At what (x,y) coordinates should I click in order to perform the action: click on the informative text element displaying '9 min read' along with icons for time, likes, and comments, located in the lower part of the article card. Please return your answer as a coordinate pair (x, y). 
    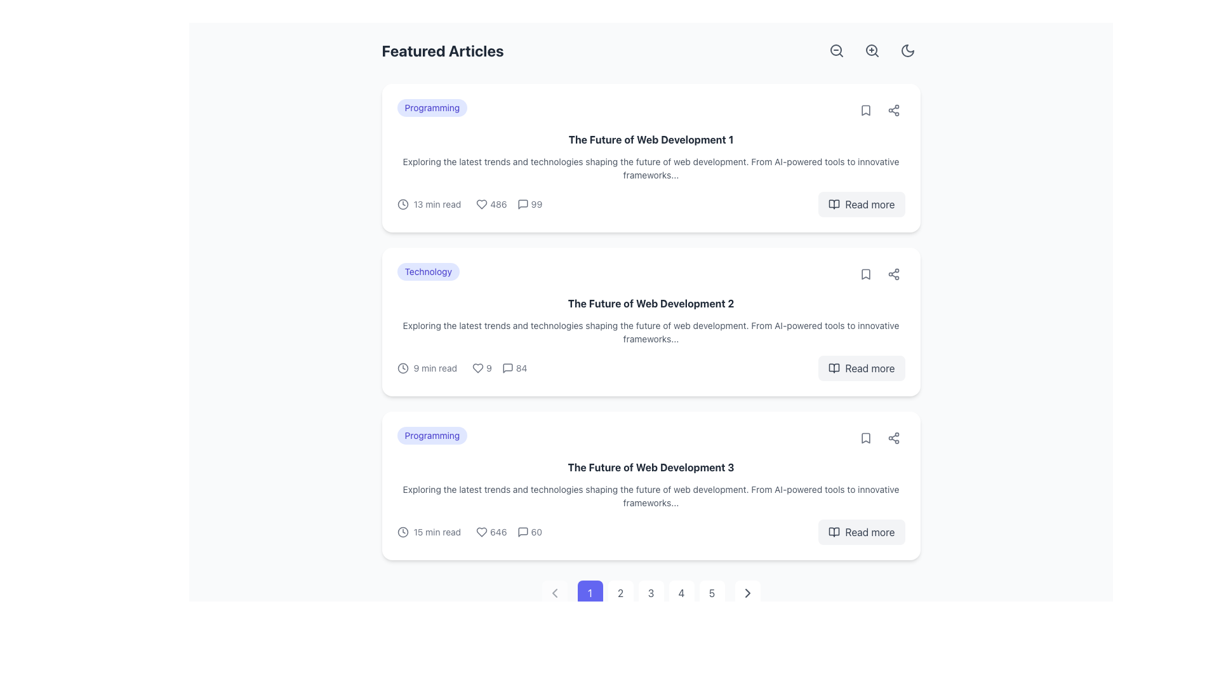
    Looking at the image, I should click on (462, 368).